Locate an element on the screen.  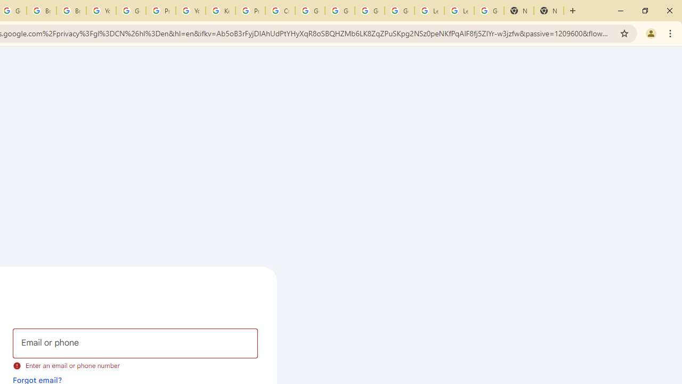
'Google Account Help' is located at coordinates (130, 11).